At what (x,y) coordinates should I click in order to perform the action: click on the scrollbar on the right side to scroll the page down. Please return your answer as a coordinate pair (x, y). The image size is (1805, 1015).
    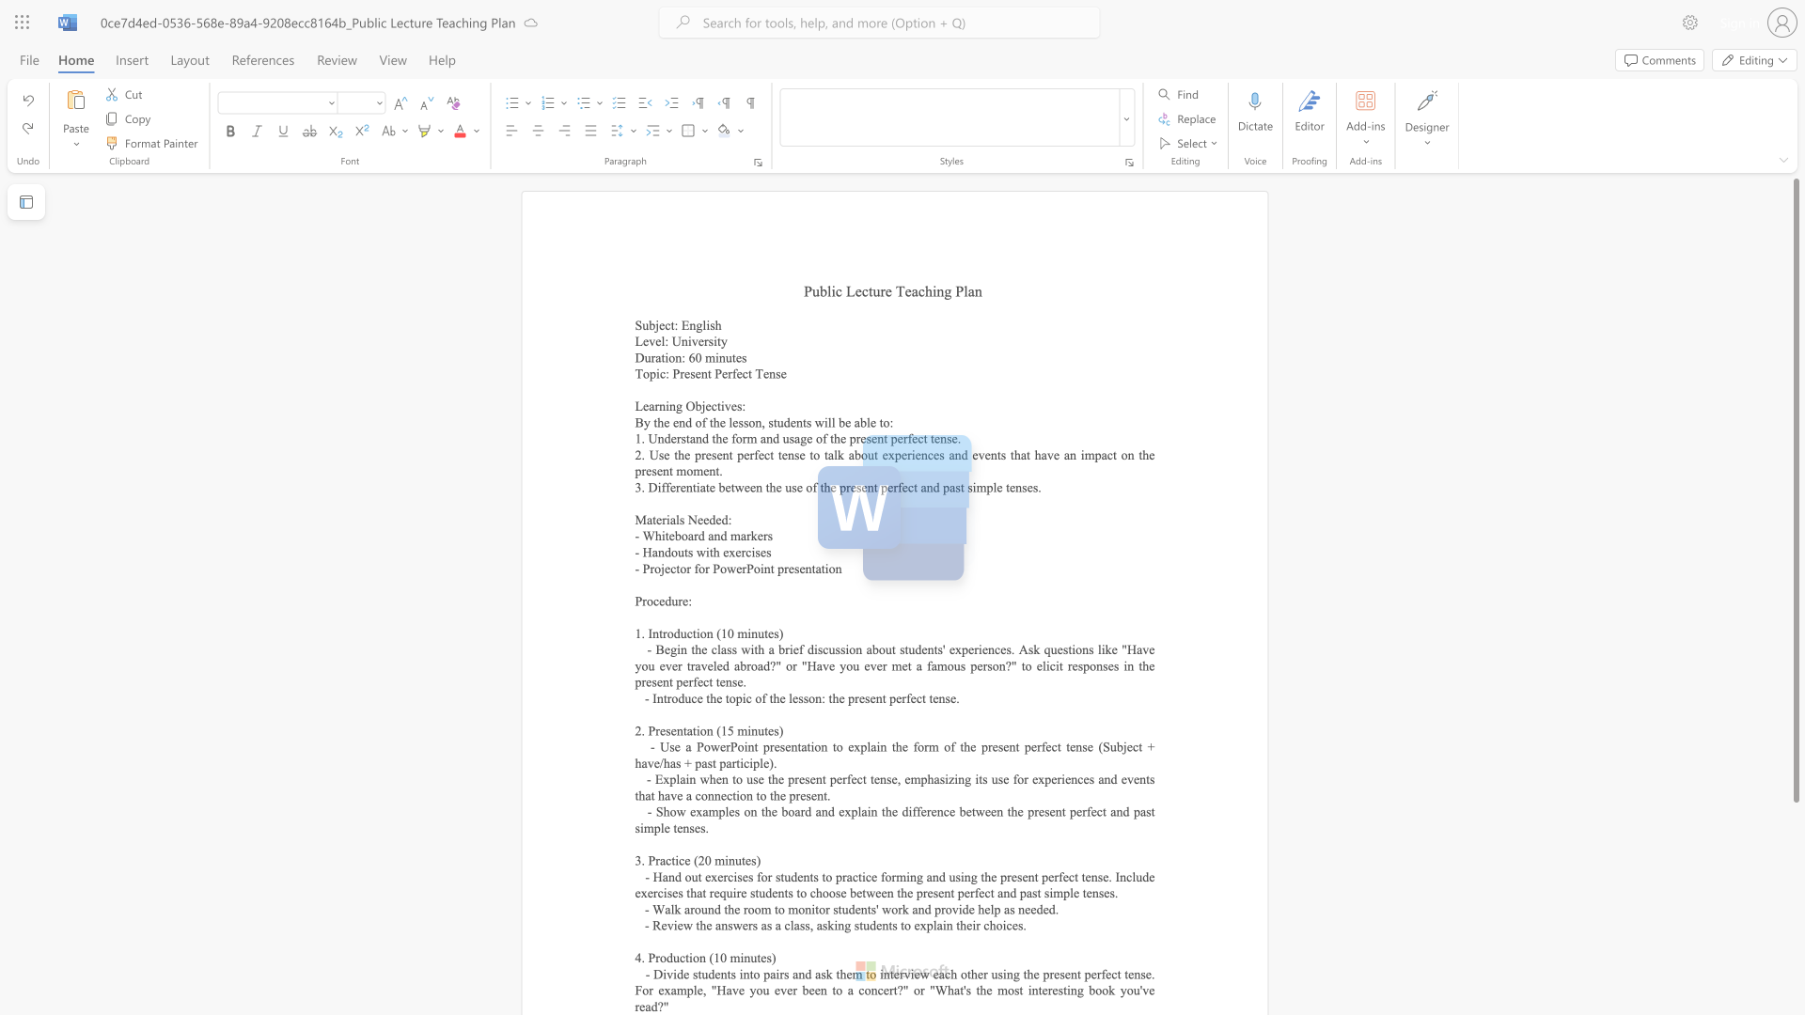
    Looking at the image, I should click on (1795, 985).